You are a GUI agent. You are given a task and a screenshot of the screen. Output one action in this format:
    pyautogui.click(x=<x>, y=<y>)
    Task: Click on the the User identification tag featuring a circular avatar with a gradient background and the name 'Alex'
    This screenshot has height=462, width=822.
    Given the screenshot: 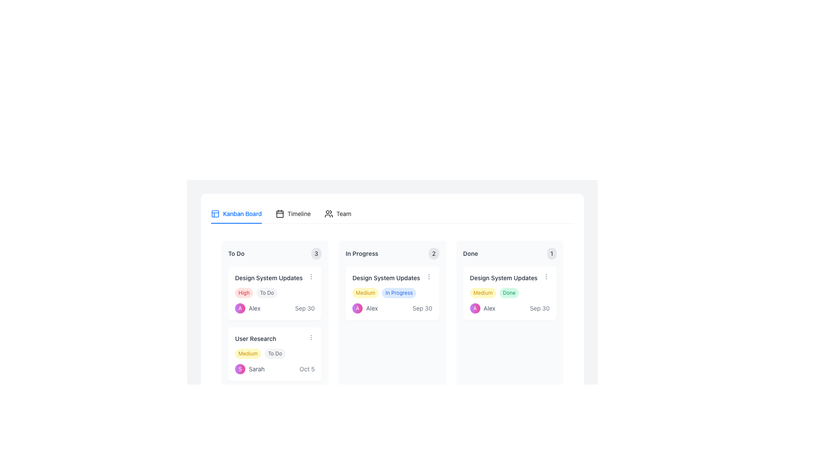 What is the action you would take?
    pyautogui.click(x=247, y=308)
    